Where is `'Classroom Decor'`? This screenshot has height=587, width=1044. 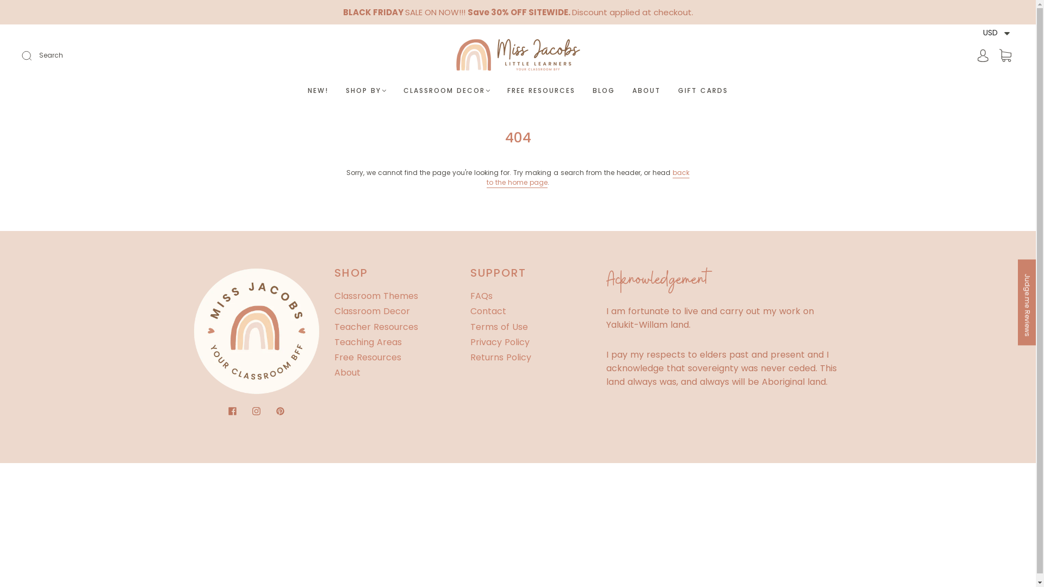 'Classroom Decor' is located at coordinates (371, 311).